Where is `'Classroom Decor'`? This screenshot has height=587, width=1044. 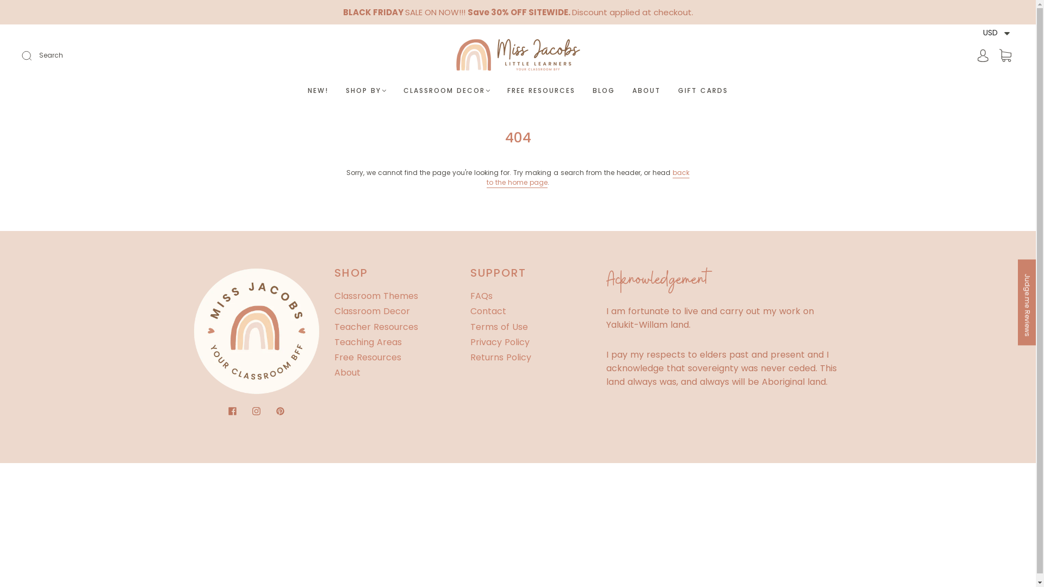 'Classroom Decor' is located at coordinates (371, 311).